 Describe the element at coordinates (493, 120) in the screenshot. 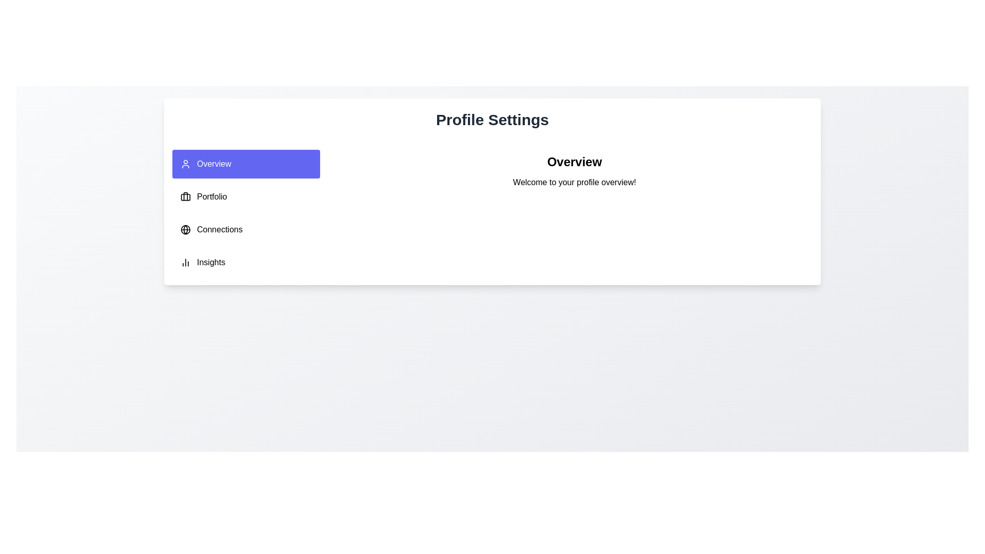

I see `the title of the component` at that location.